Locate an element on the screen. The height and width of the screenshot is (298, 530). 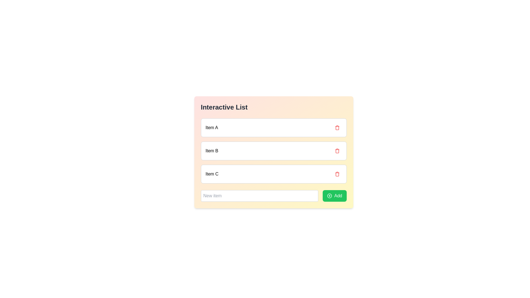
the trash bin icon button outlined in red is located at coordinates (337, 151).